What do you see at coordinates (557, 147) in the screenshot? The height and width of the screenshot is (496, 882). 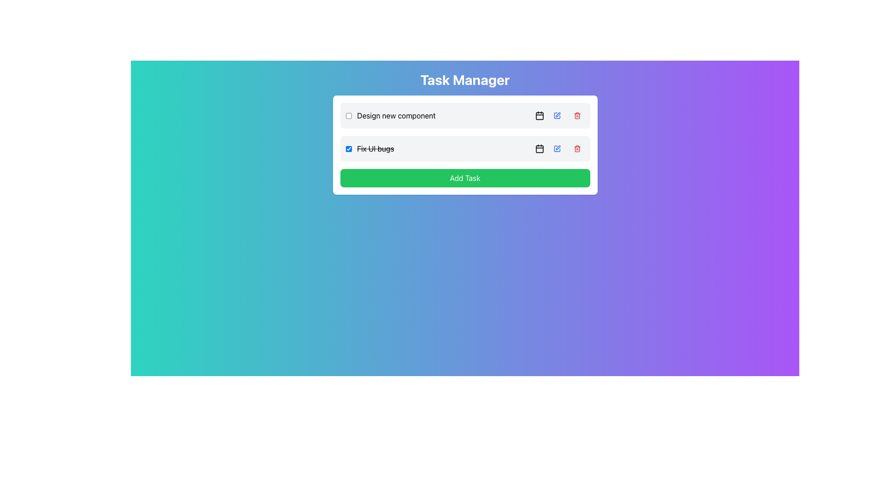 I see `the pen icon button located in the task box for 'Fix UI bugs'` at bounding box center [557, 147].